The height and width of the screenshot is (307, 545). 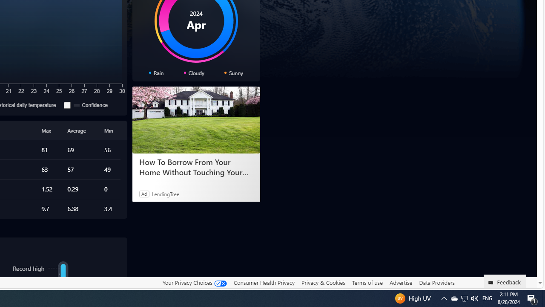 I want to click on 'Consumer Health Privacy', so click(x=264, y=282).